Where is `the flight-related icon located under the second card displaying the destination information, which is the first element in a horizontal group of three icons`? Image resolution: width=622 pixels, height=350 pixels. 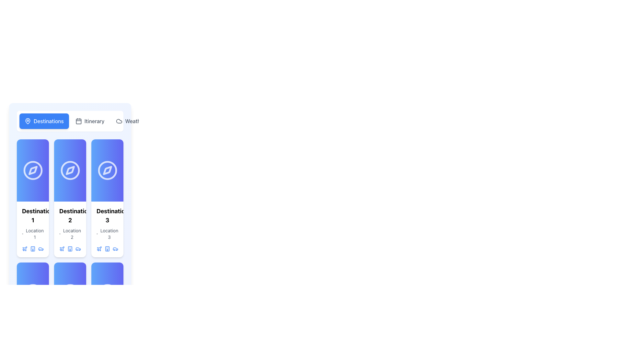
the flight-related icon located under the second card displaying the destination information, which is the first element in a horizontal group of three icons is located at coordinates (62, 248).